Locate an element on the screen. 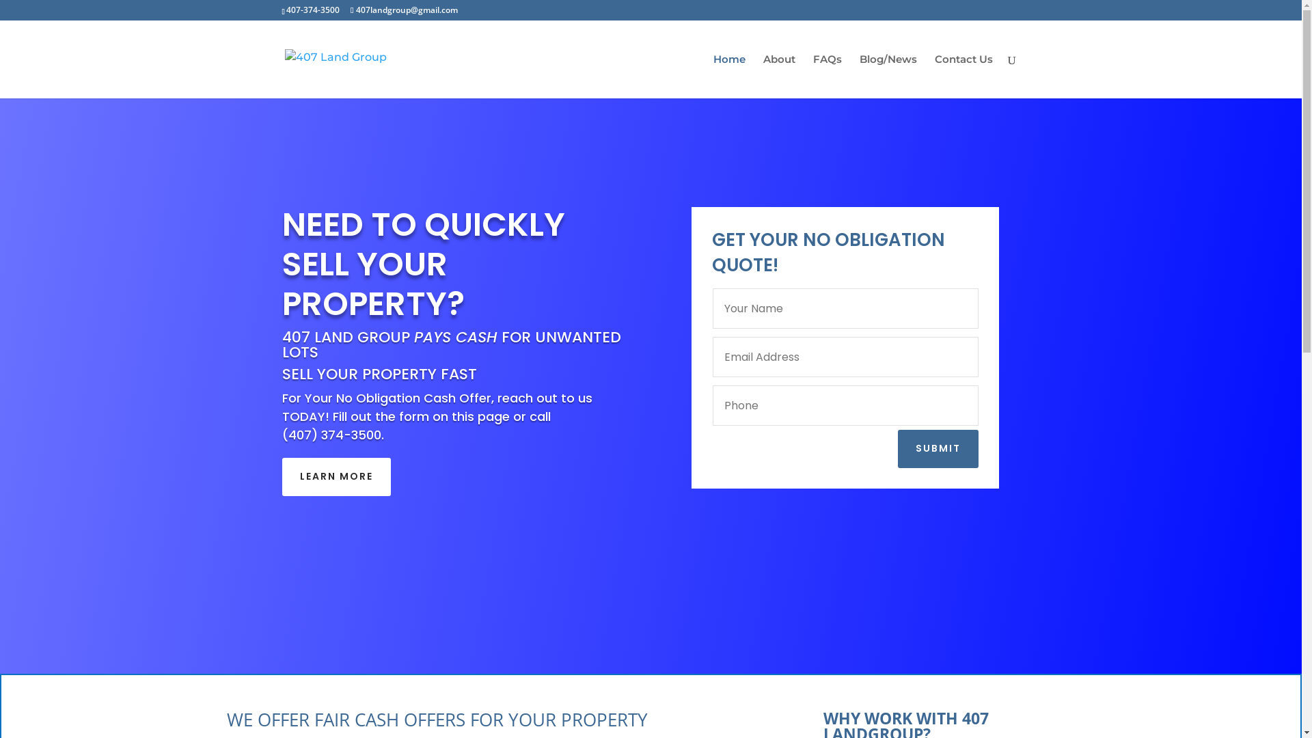  '407landgroup@gmail.com' is located at coordinates (403, 10).